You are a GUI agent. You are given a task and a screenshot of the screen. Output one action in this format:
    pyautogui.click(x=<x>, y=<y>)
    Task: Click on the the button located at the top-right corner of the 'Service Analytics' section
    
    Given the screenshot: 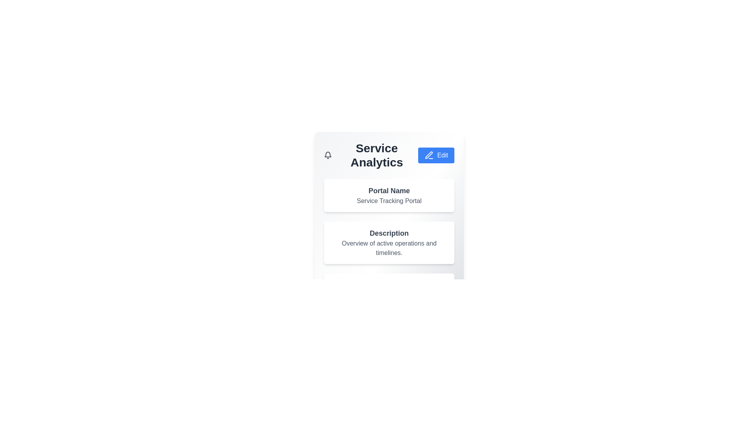 What is the action you would take?
    pyautogui.click(x=436, y=155)
    